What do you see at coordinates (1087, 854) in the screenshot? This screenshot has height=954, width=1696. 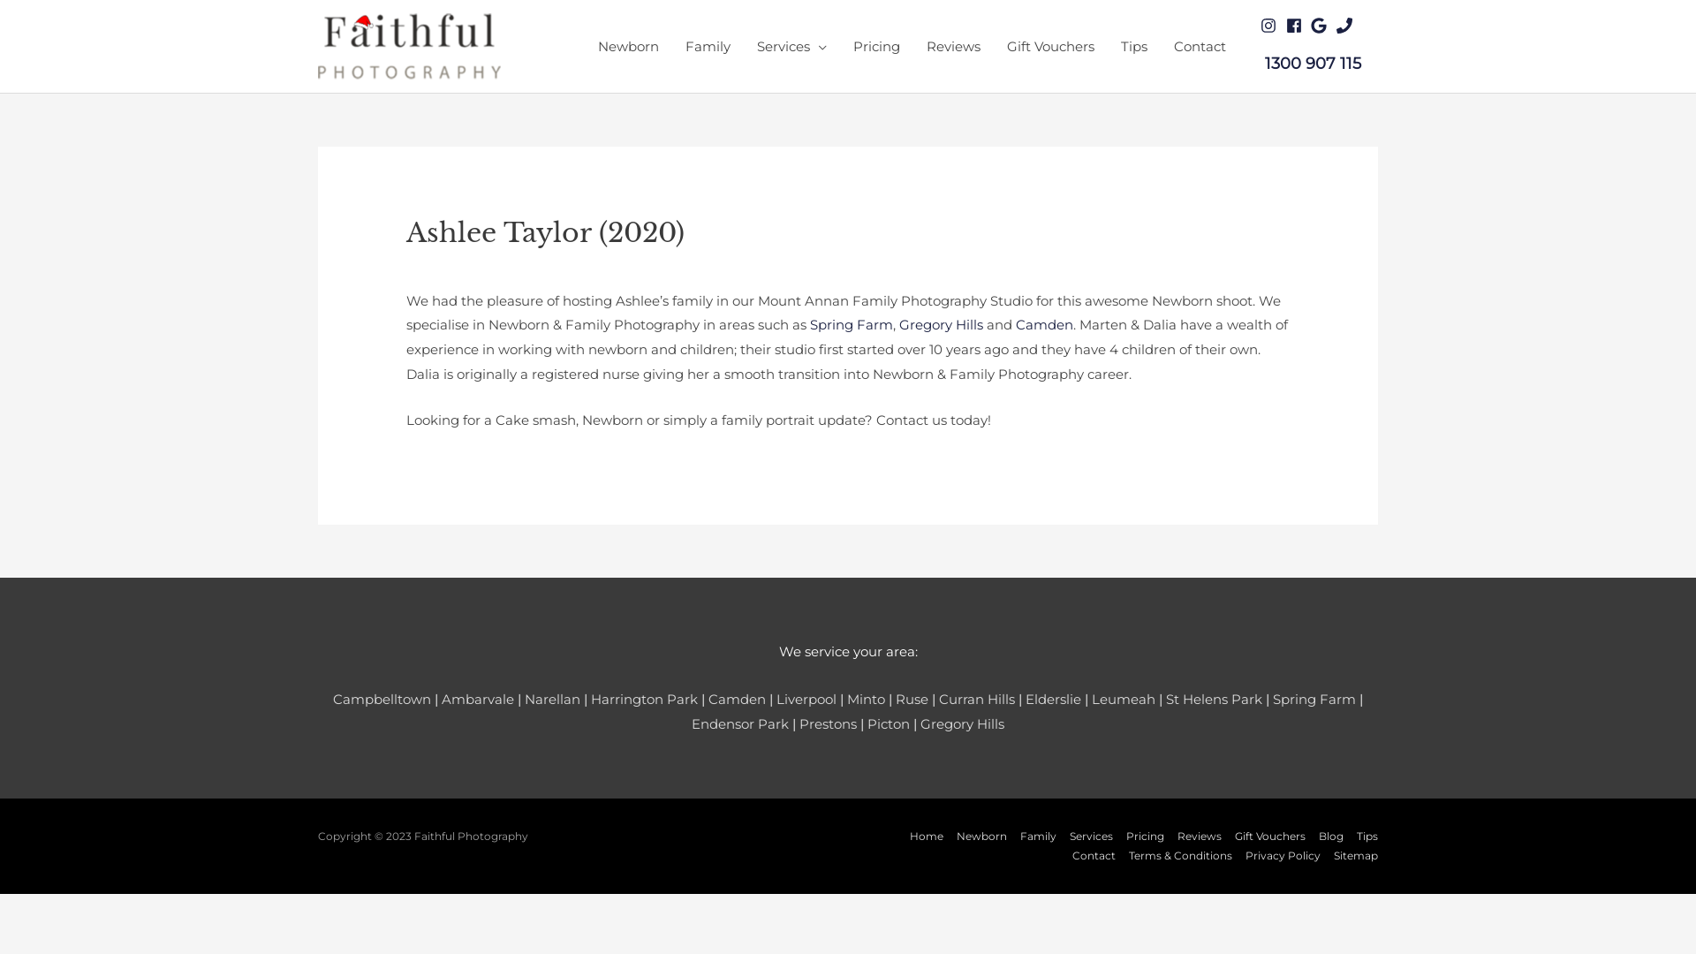 I see `'Contact'` at bounding box center [1087, 854].